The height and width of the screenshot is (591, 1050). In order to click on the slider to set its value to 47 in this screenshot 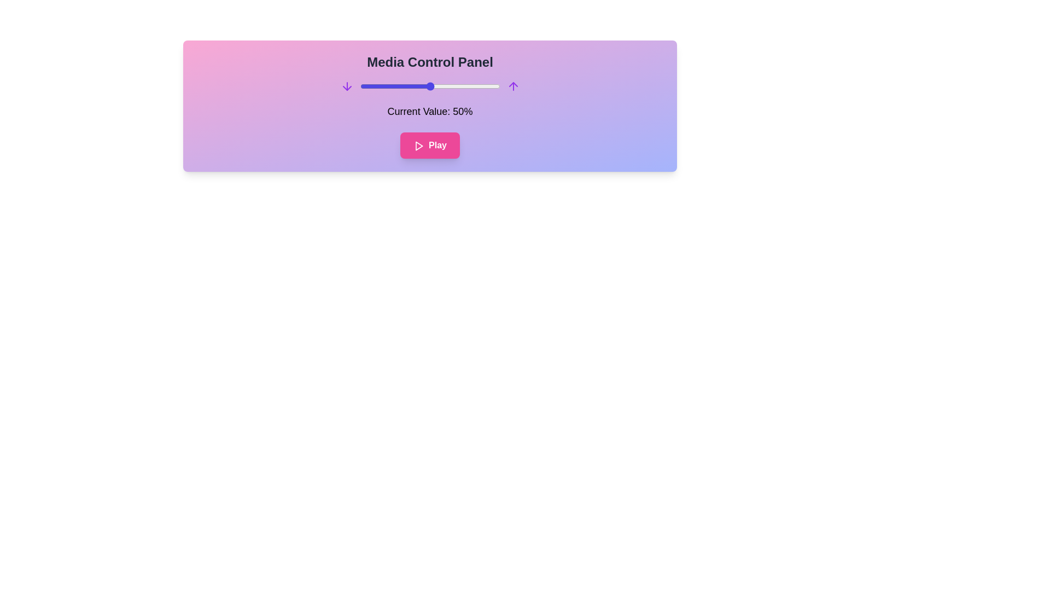, I will do `click(425, 86)`.